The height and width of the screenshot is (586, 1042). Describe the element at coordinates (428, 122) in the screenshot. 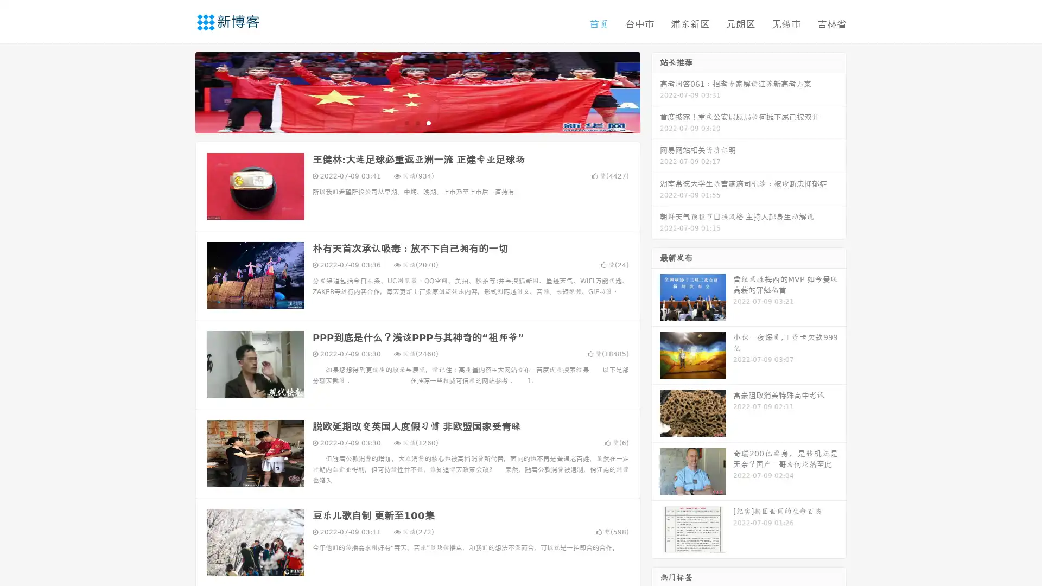

I see `Go to slide 3` at that location.